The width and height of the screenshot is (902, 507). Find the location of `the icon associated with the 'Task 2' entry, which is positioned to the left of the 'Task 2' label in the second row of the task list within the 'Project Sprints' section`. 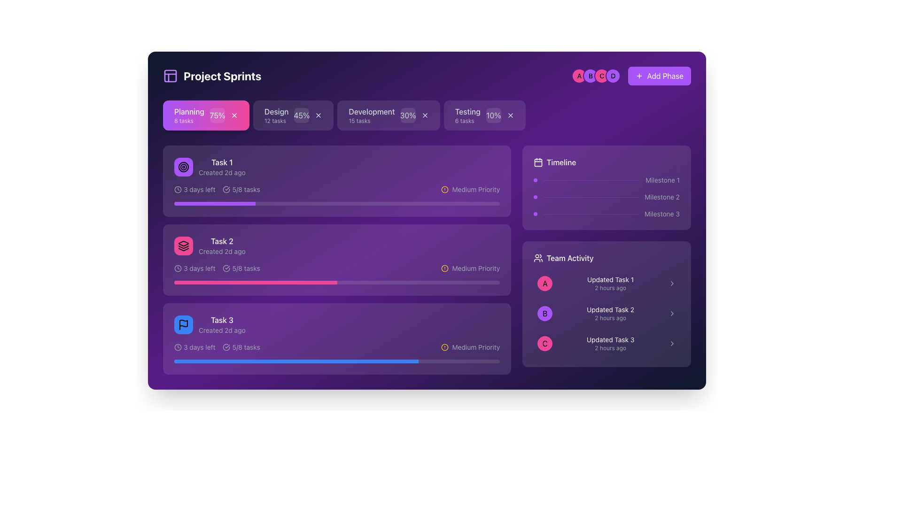

the icon associated with the 'Task 2' entry, which is positioned to the left of the 'Task 2' label in the second row of the task list within the 'Project Sprints' section is located at coordinates (183, 246).